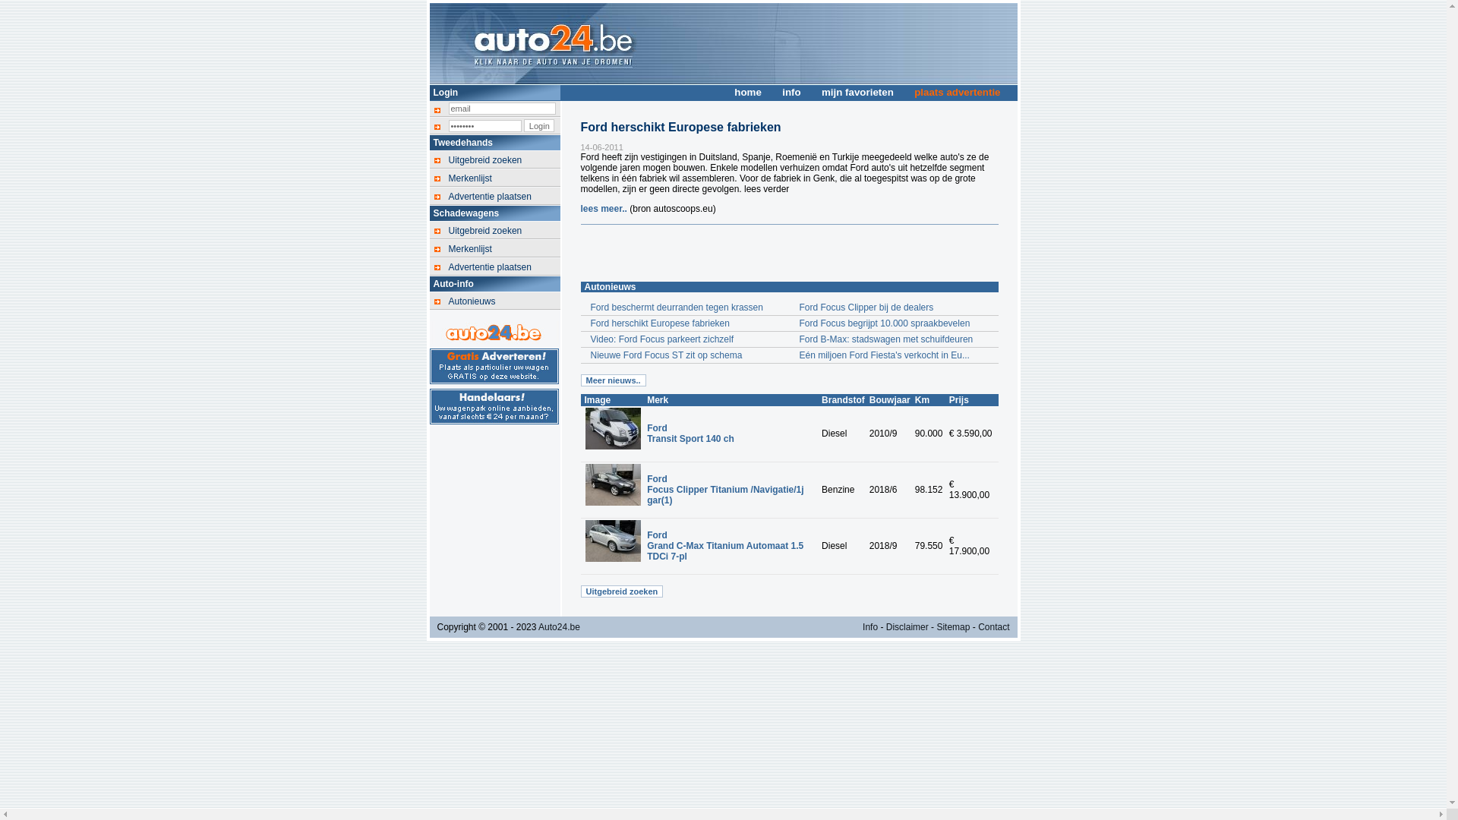 This screenshot has width=1458, height=820. What do you see at coordinates (539, 125) in the screenshot?
I see `'Login'` at bounding box center [539, 125].